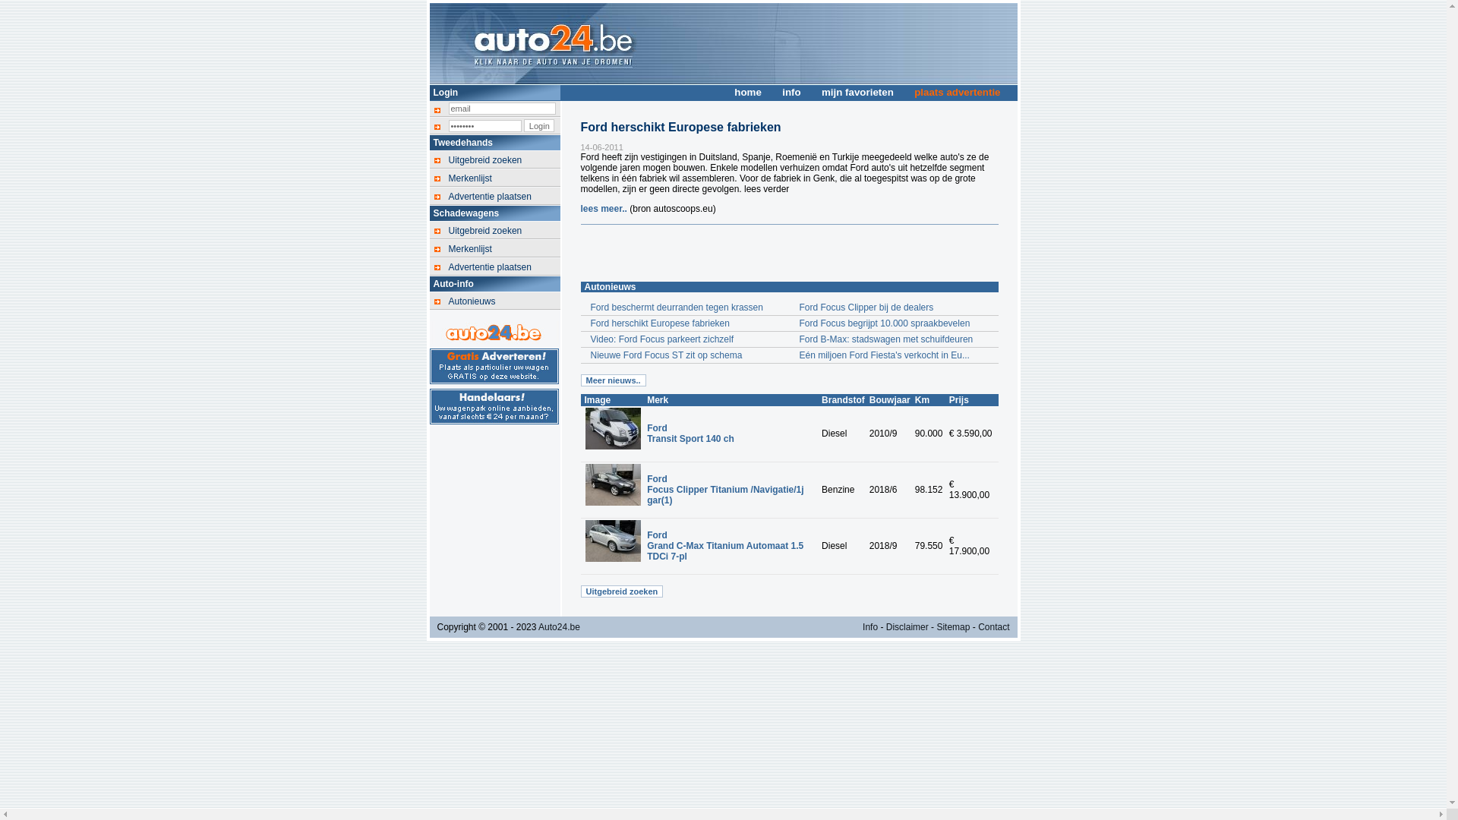 This screenshot has width=1458, height=820. What do you see at coordinates (539, 125) in the screenshot?
I see `'Login'` at bounding box center [539, 125].